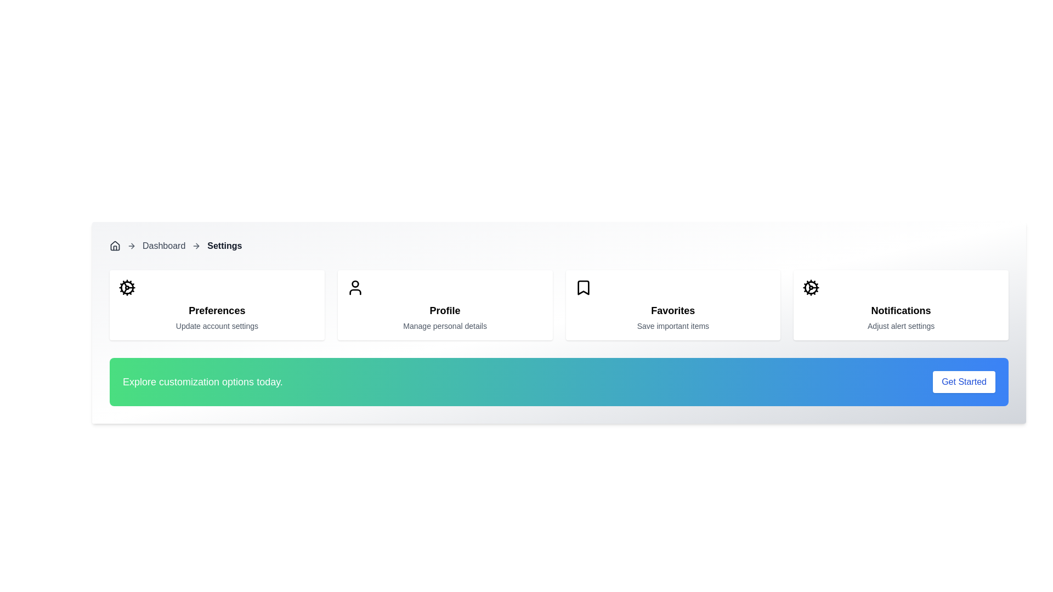 The height and width of the screenshot is (592, 1053). Describe the element at coordinates (445, 311) in the screenshot. I see `the heading text element indicating the user's profile within the card-like panel, which is the second panel in the settings interface` at that location.